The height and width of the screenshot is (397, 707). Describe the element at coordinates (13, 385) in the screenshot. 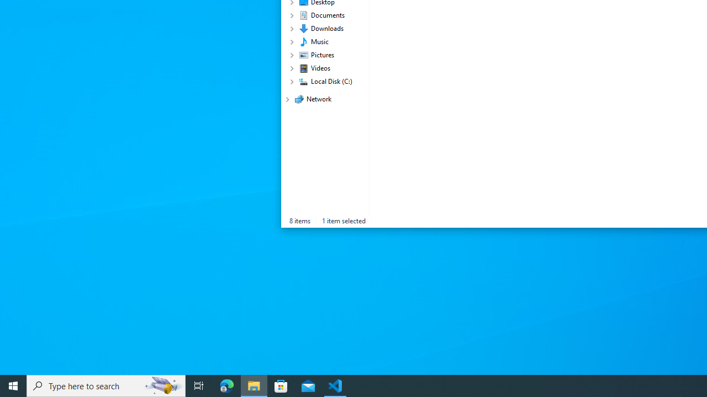

I see `'Start'` at that location.